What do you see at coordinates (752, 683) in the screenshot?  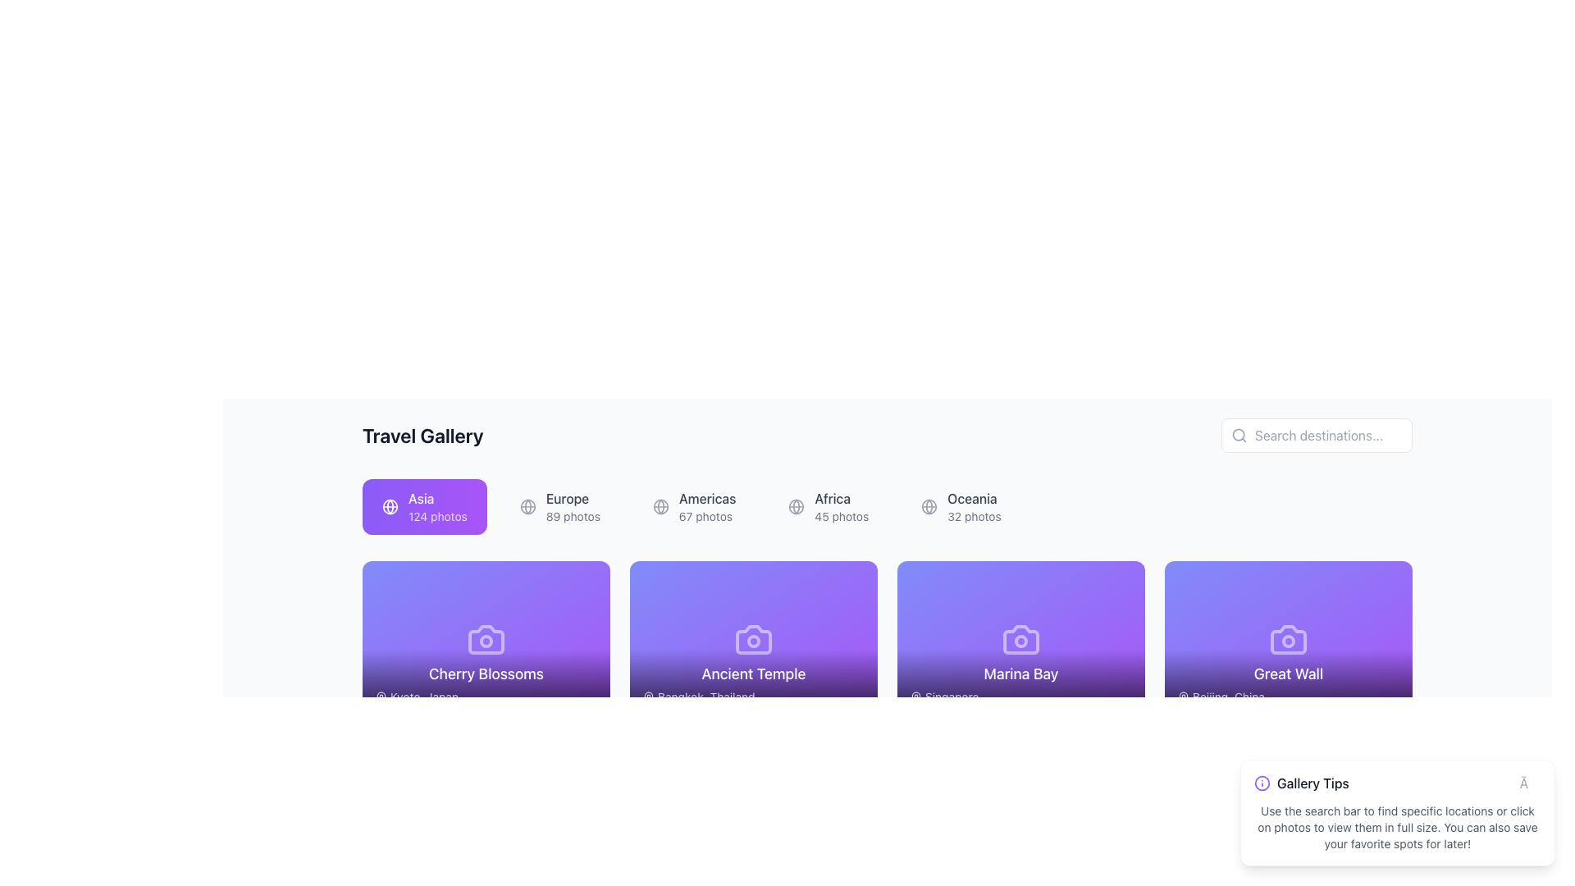 I see `text displayed on the Text Label that shows 'Ancient Temple' and its location at the bottom center of the card in the 'Travel Gallery' section` at bounding box center [752, 683].